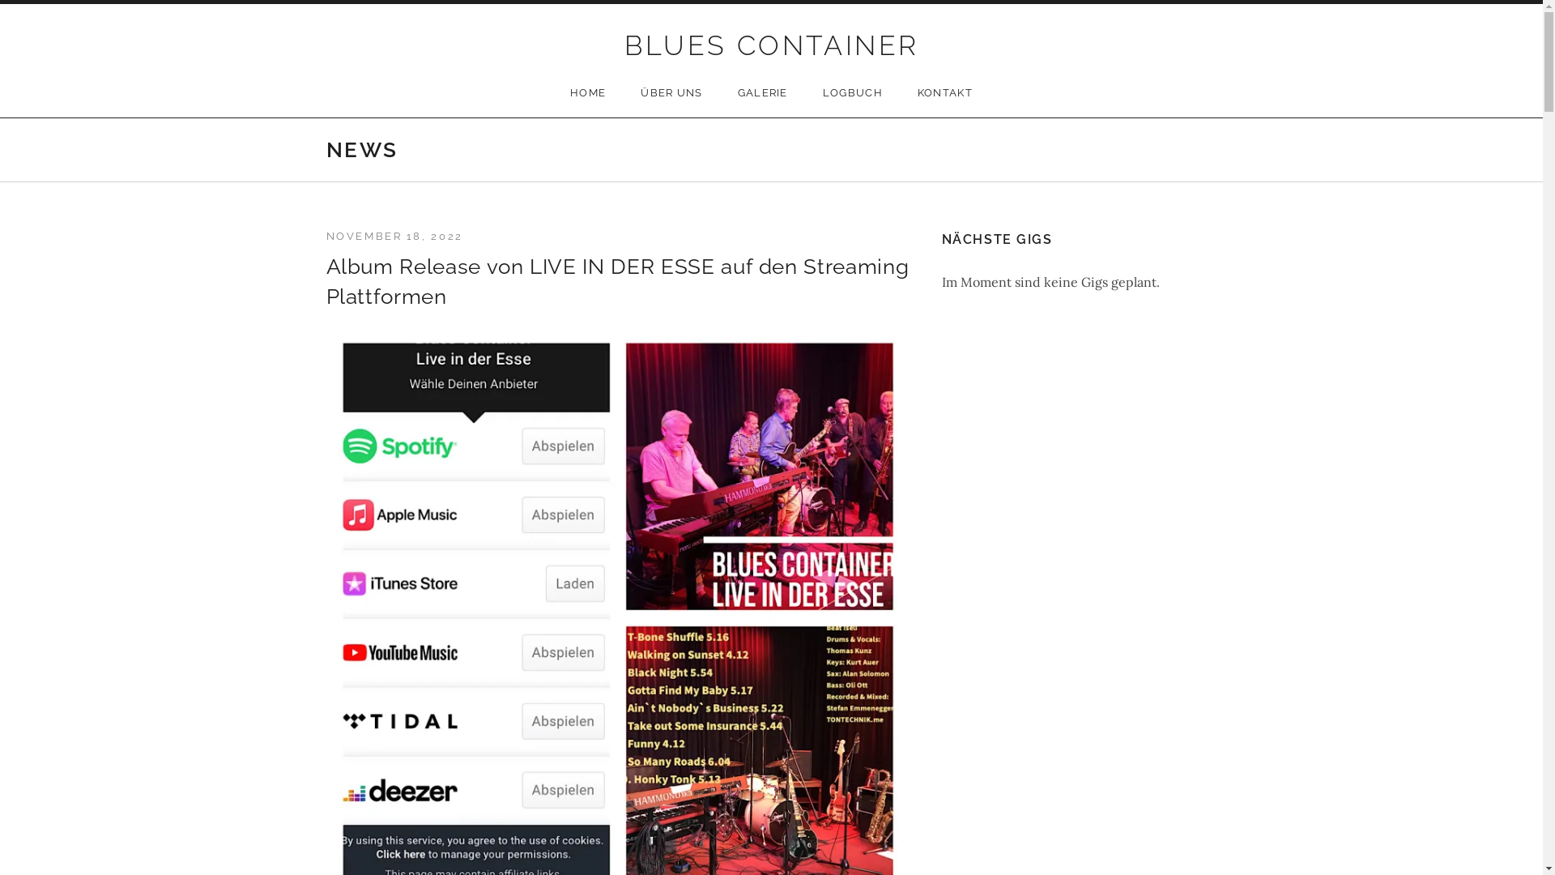 Image resolution: width=1555 pixels, height=875 pixels. What do you see at coordinates (944, 93) in the screenshot?
I see `'KONTAKT'` at bounding box center [944, 93].